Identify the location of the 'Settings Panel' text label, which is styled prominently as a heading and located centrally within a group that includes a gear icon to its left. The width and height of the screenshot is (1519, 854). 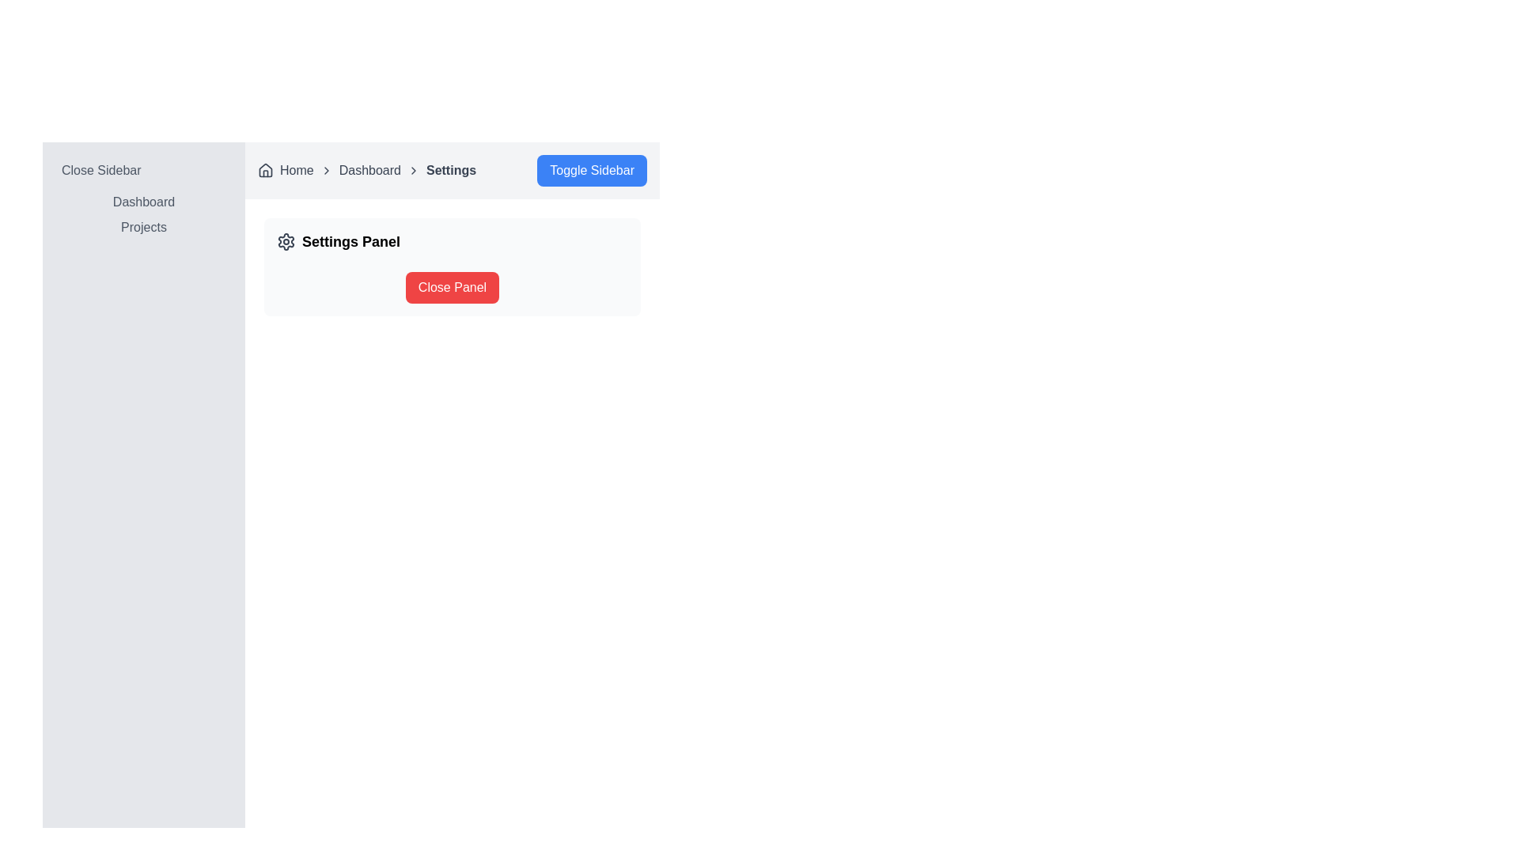
(350, 241).